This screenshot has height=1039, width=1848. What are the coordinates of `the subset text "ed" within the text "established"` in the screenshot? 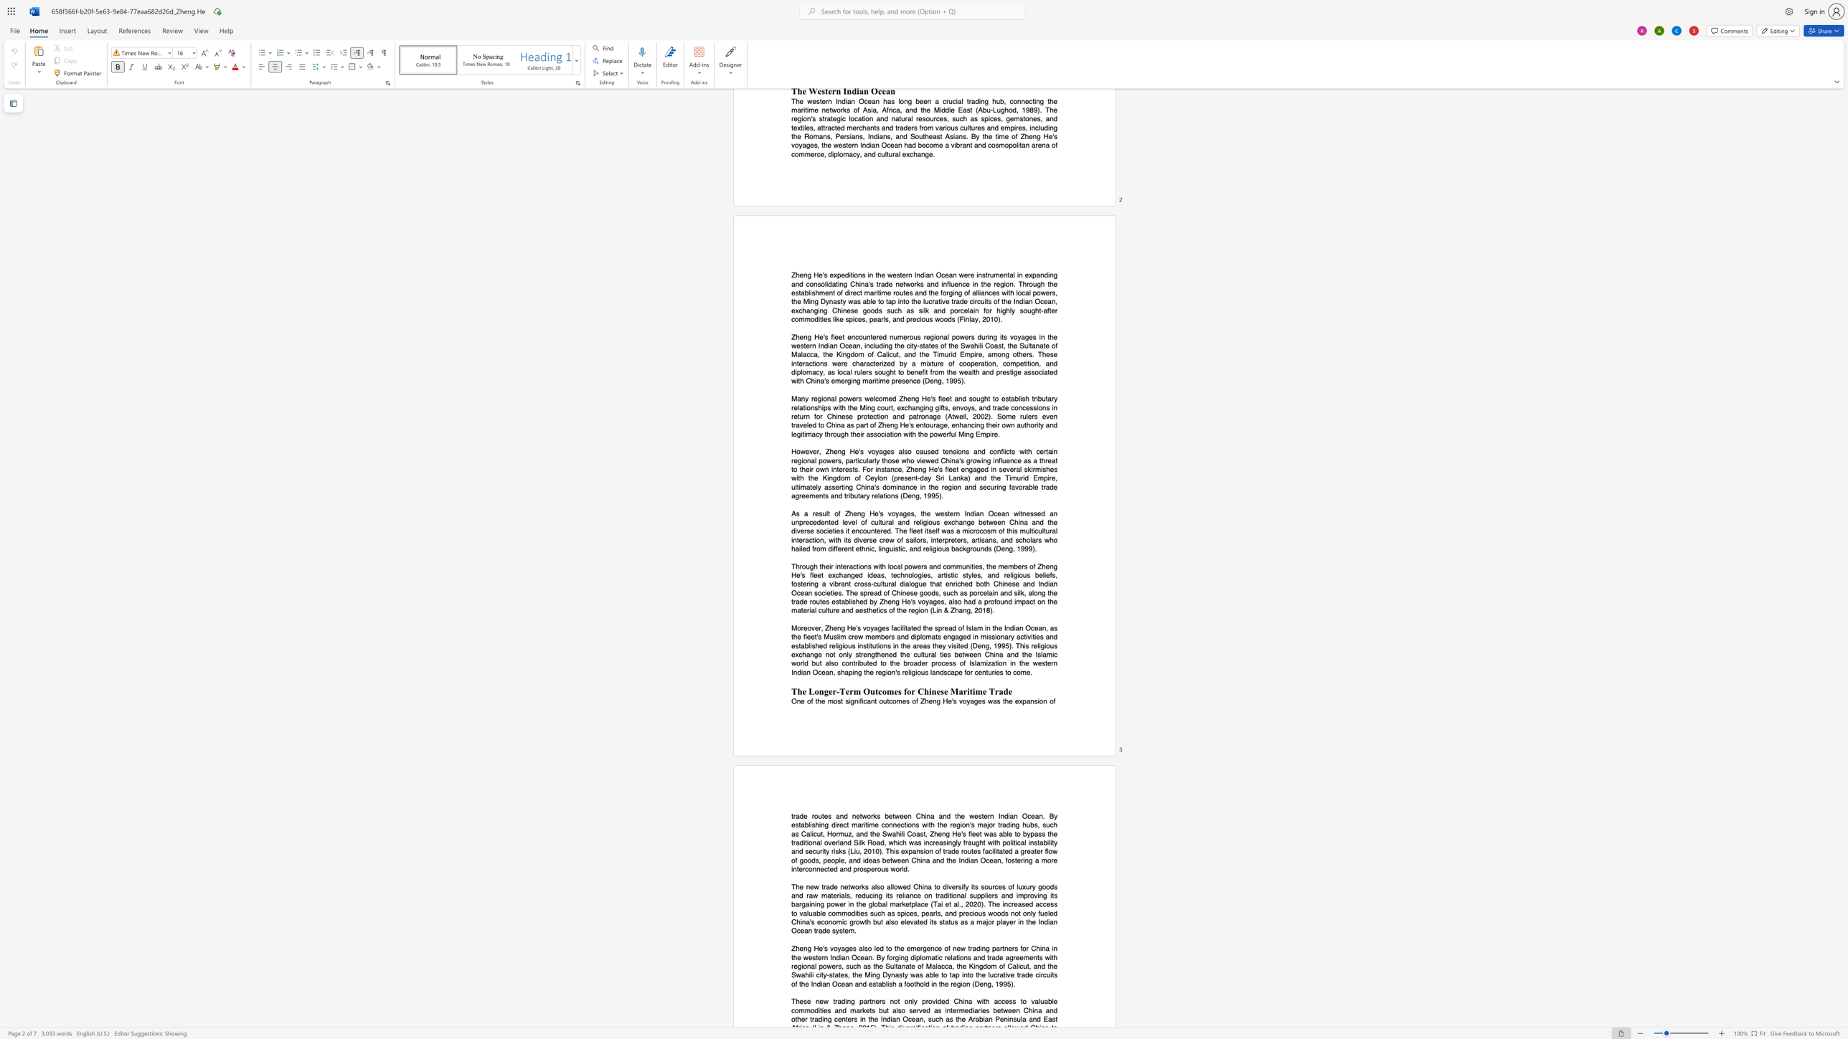 It's located at (819, 645).